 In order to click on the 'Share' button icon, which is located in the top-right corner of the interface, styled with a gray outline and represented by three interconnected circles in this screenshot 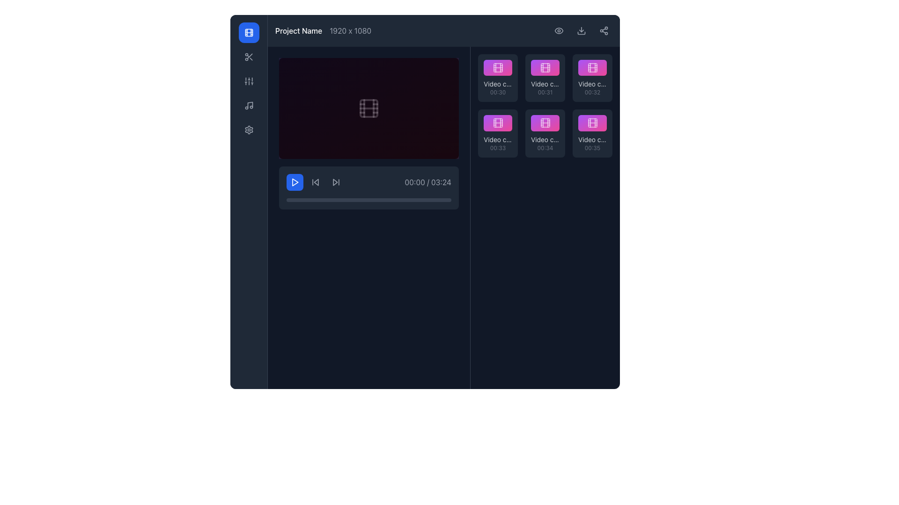, I will do `click(604, 30)`.